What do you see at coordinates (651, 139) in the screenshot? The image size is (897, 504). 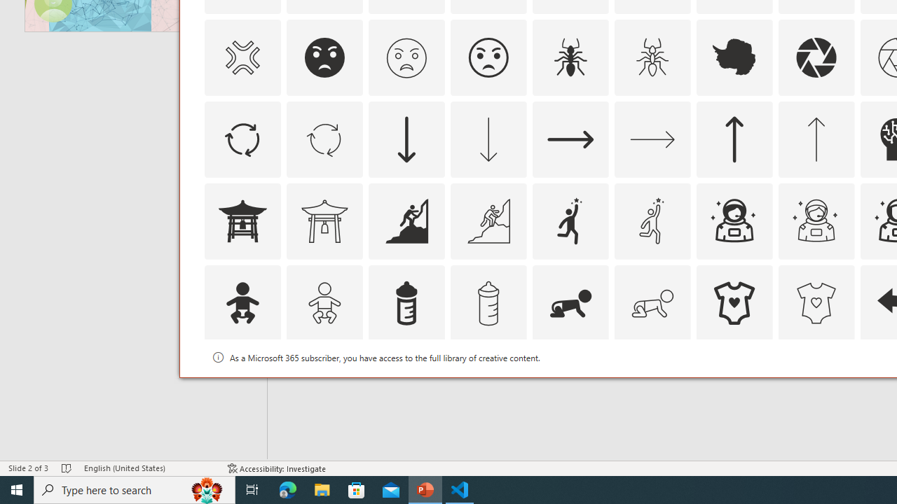 I see `'AutomationID: Icons_ArrowRight_M'` at bounding box center [651, 139].